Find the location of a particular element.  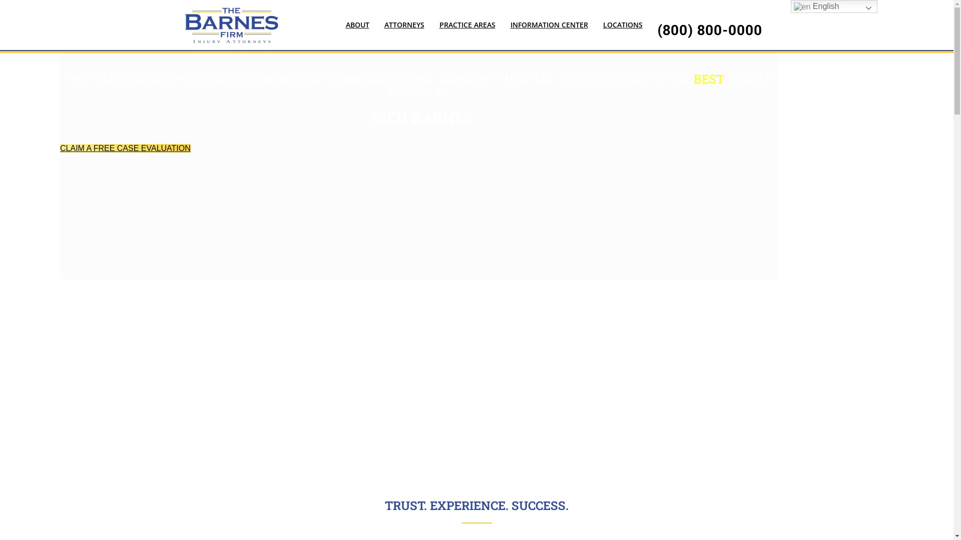

'(800) 800-0000' is located at coordinates (709, 29).